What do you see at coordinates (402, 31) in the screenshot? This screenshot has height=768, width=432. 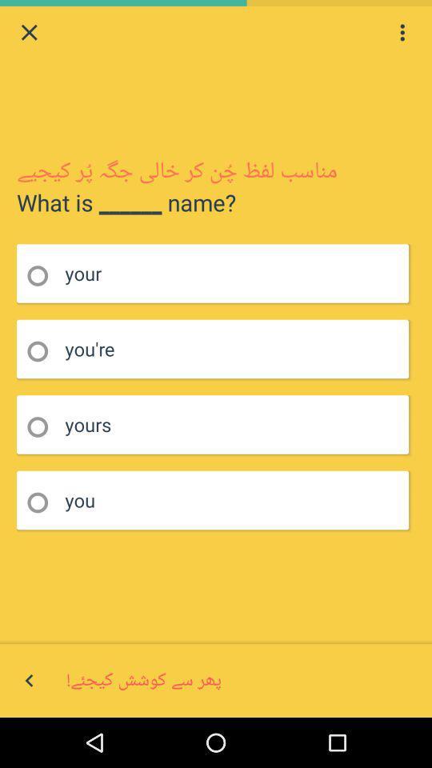 I see `setting` at bounding box center [402, 31].